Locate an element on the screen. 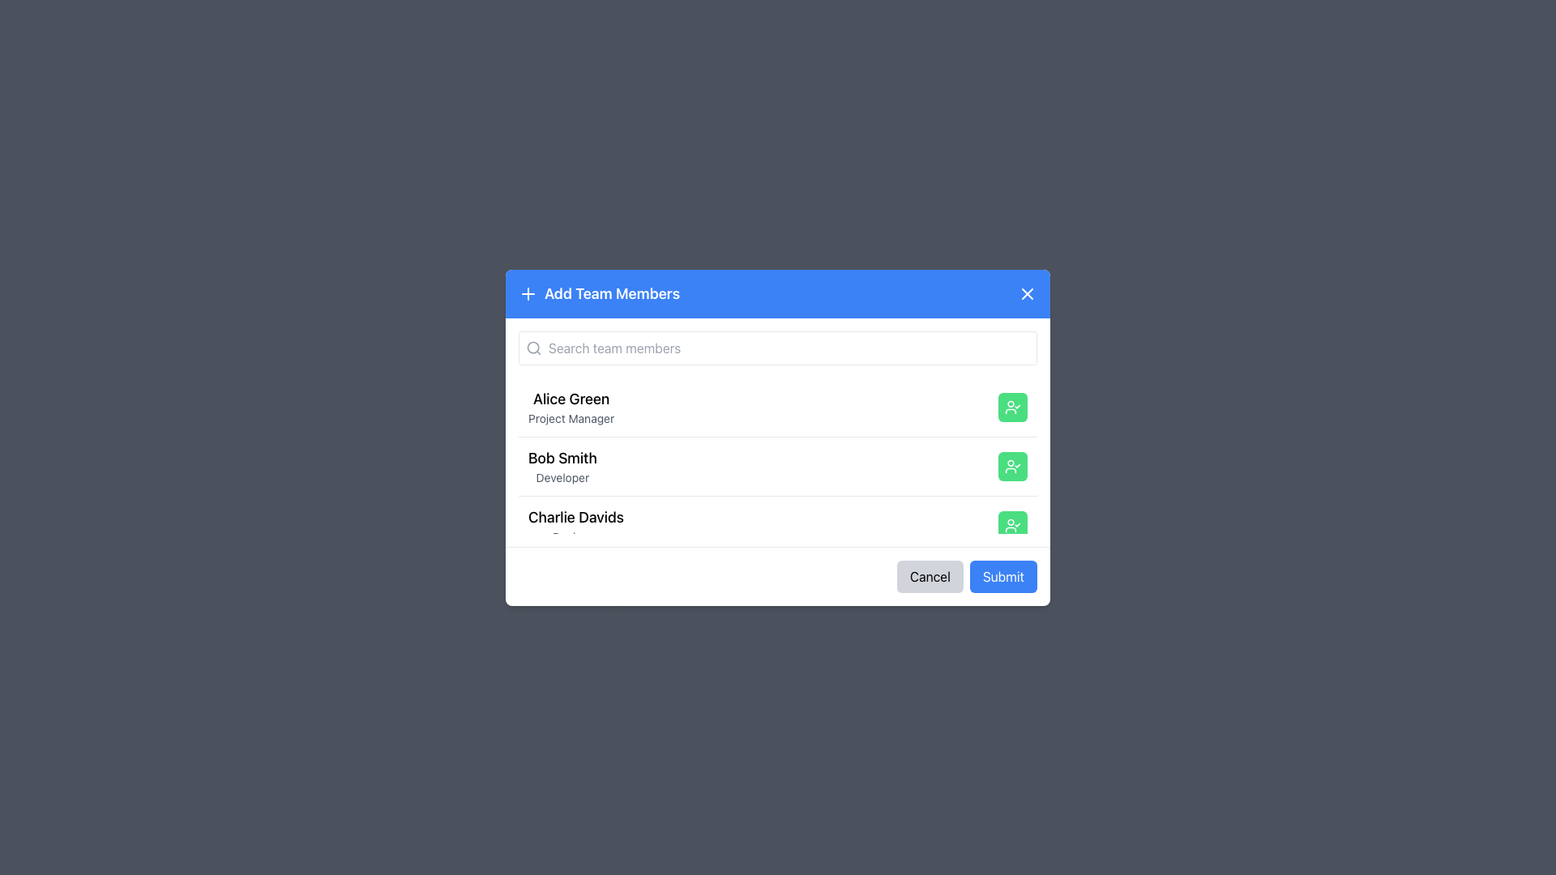 This screenshot has width=1556, height=875. the gray rectangular 'Cancel' button with rounded corners to trigger the hover effect is located at coordinates (930, 575).